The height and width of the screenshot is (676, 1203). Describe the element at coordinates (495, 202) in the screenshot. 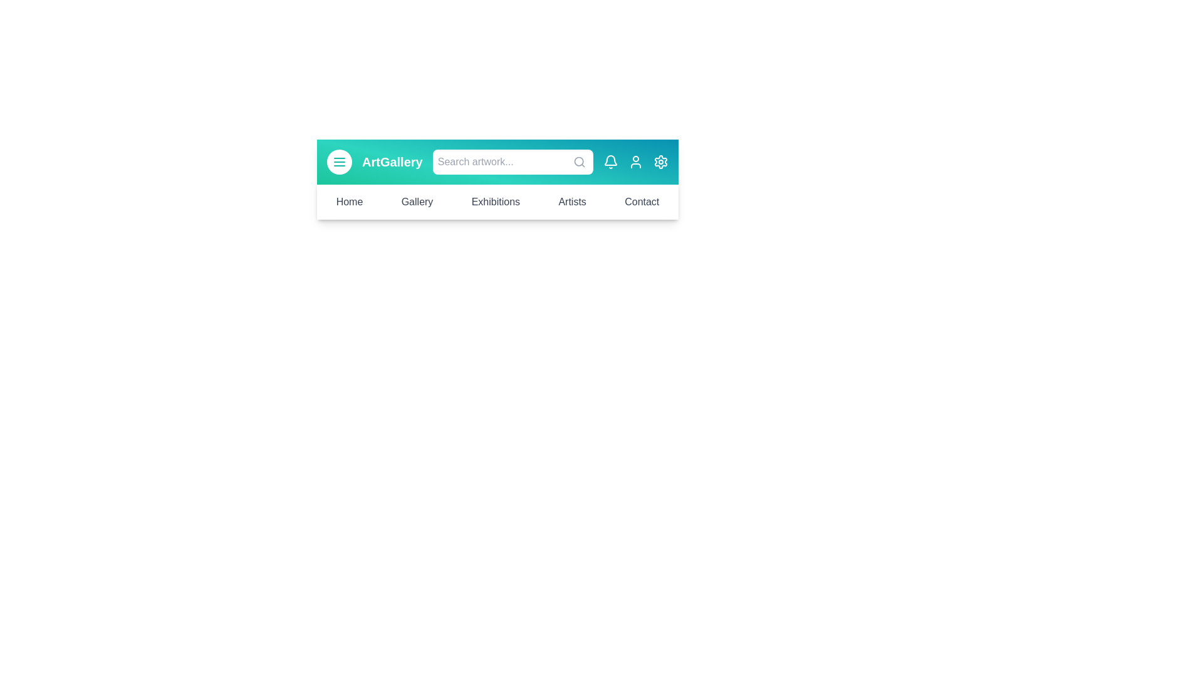

I see `the menu option Exhibitions to navigate to the corresponding section` at that location.